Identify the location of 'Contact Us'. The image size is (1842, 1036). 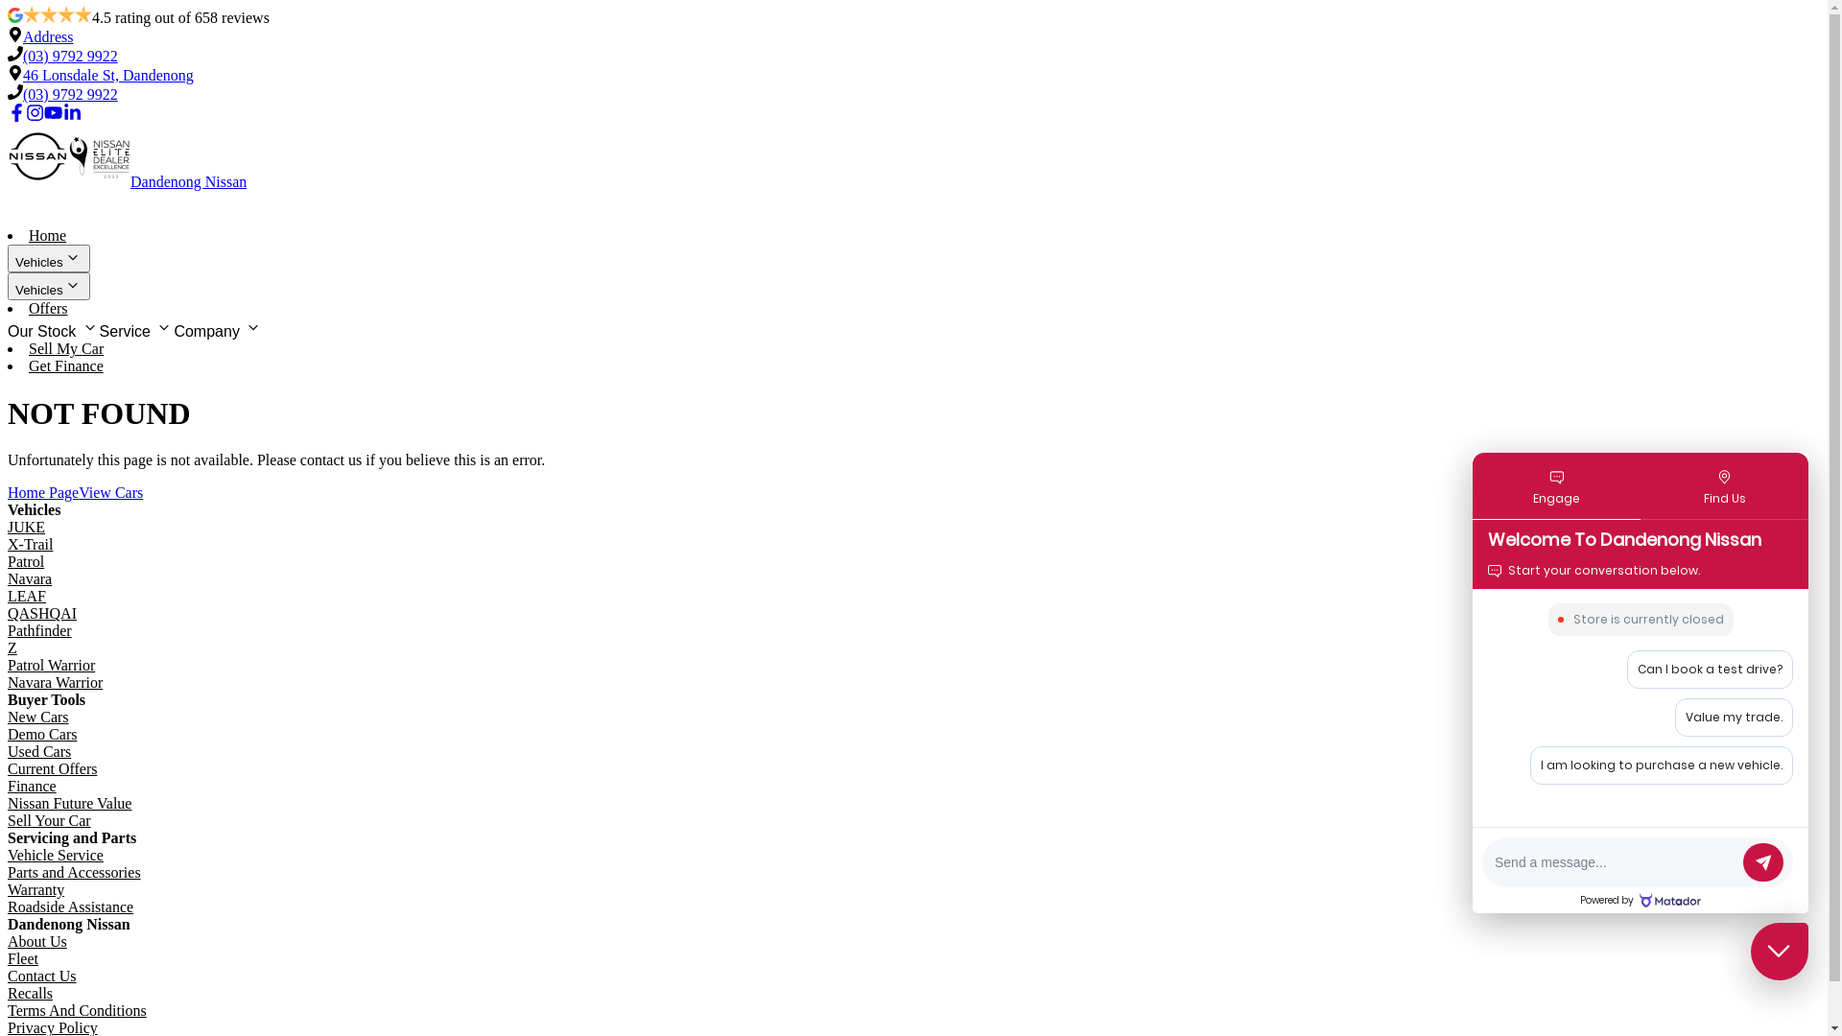
(41, 976).